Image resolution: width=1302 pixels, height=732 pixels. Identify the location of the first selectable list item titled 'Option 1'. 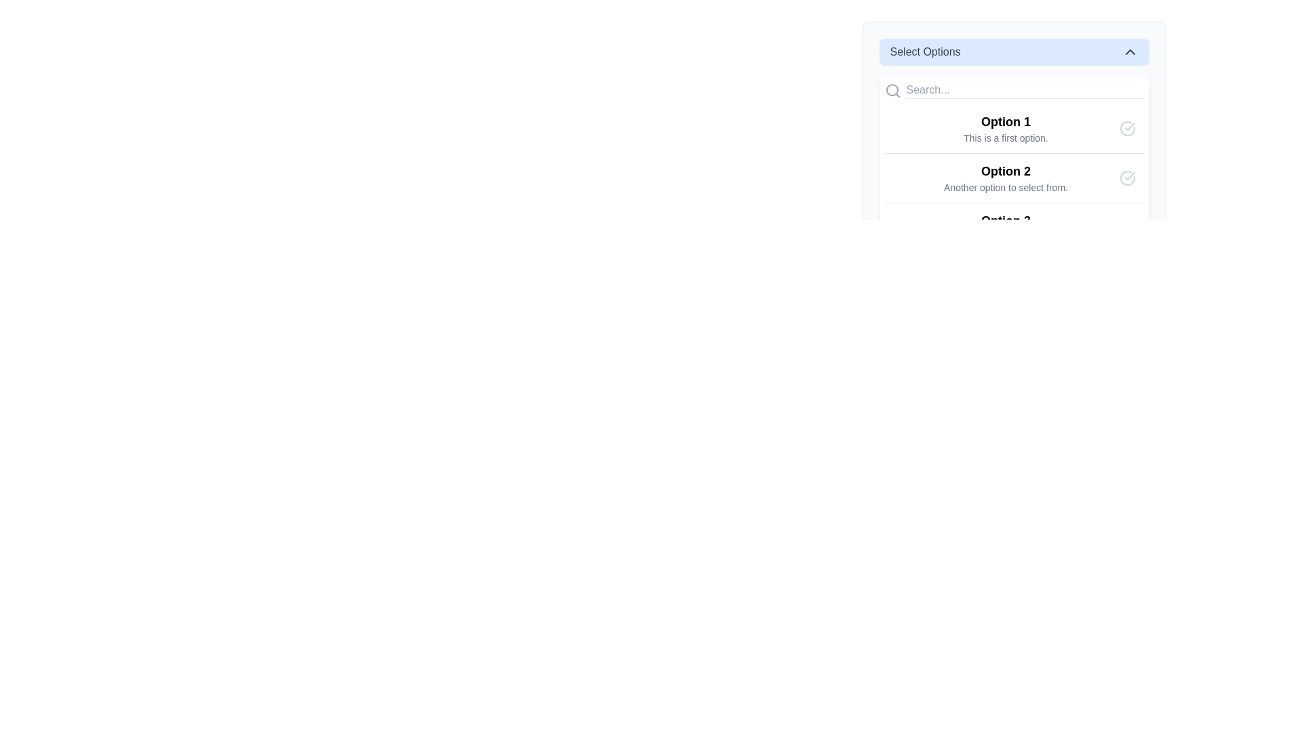
(1014, 128).